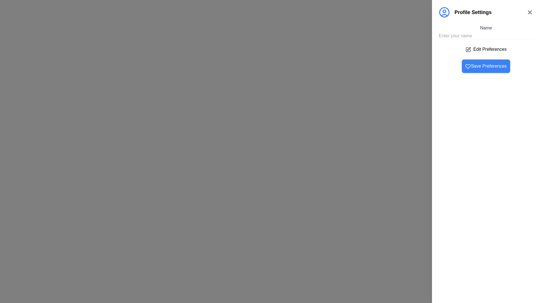  I want to click on the static label with the text 'Edit Preferences' that features a pencil icon to the left, located below the 'Name' input field and above the 'Save Preferences' button, so click(486, 49).